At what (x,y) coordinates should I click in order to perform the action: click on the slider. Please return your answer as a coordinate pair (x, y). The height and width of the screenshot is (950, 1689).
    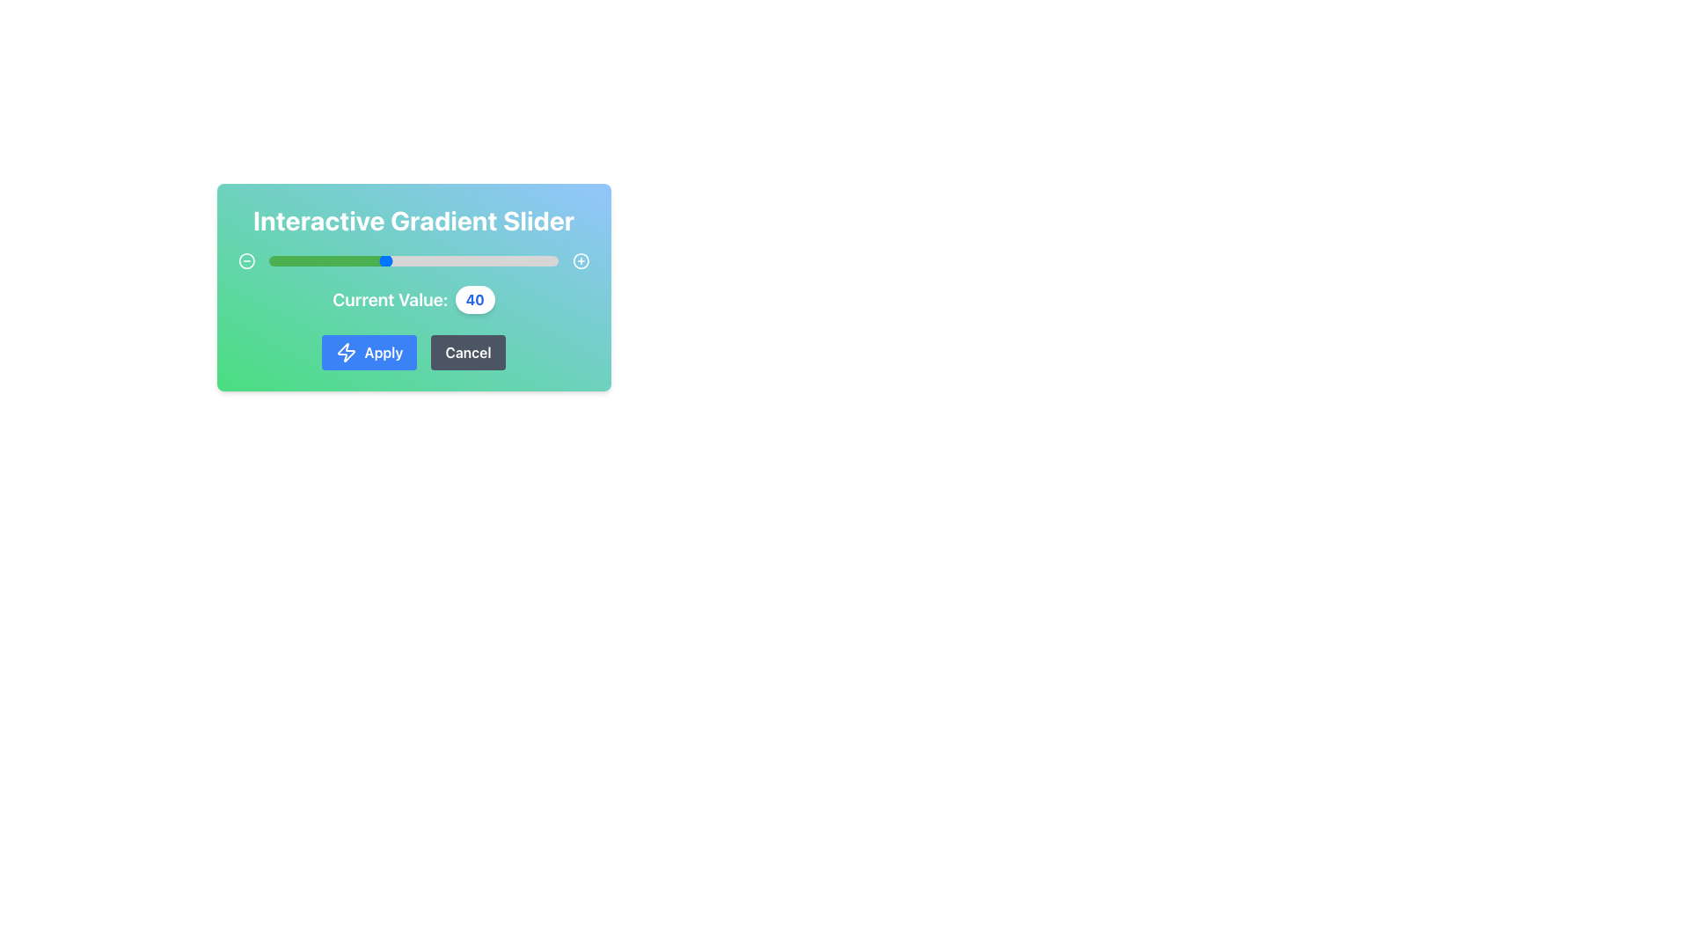
    Looking at the image, I should click on (436, 261).